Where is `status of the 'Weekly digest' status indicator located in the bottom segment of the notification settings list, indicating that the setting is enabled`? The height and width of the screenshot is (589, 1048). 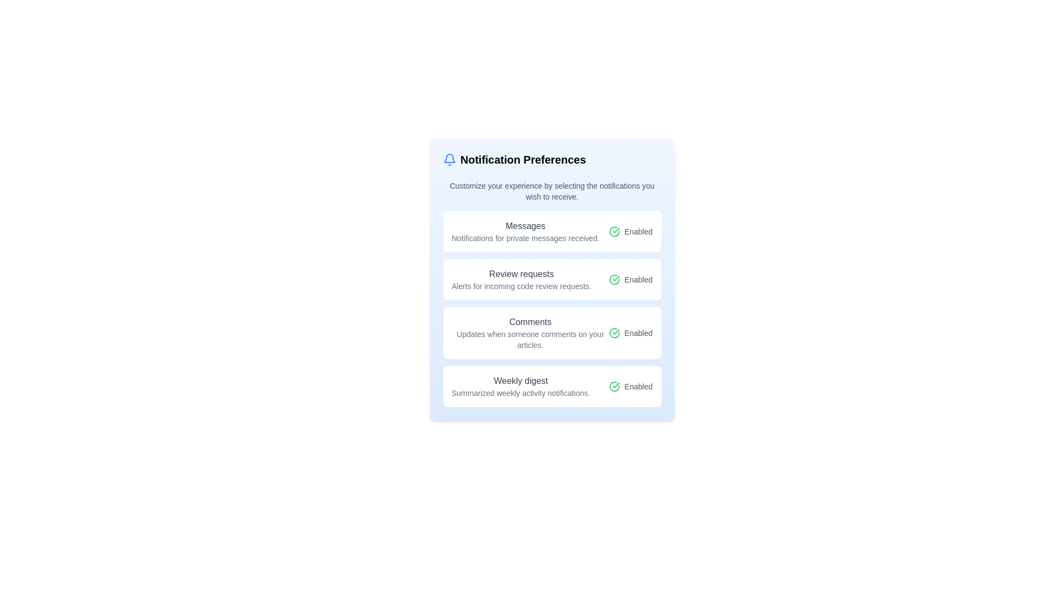 status of the 'Weekly digest' status indicator located in the bottom segment of the notification settings list, indicating that the setting is enabled is located at coordinates (630, 386).